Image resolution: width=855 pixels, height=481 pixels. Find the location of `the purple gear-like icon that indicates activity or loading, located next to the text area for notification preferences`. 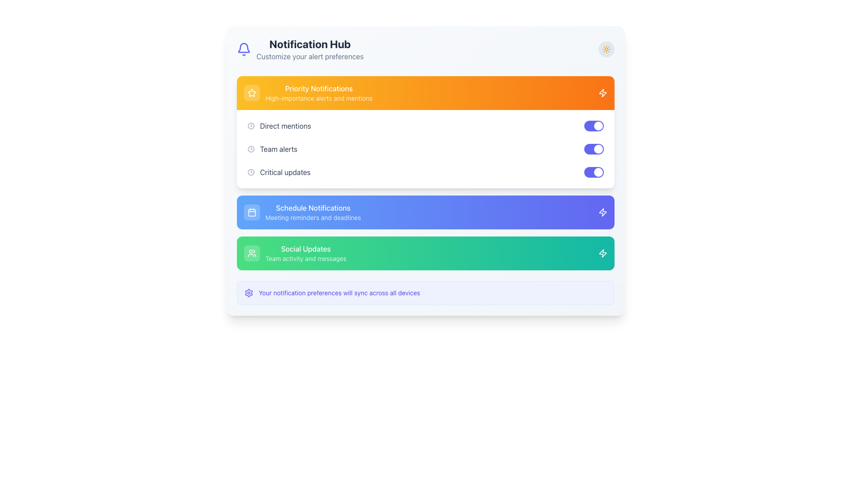

the purple gear-like icon that indicates activity or loading, located next to the text area for notification preferences is located at coordinates (248, 293).